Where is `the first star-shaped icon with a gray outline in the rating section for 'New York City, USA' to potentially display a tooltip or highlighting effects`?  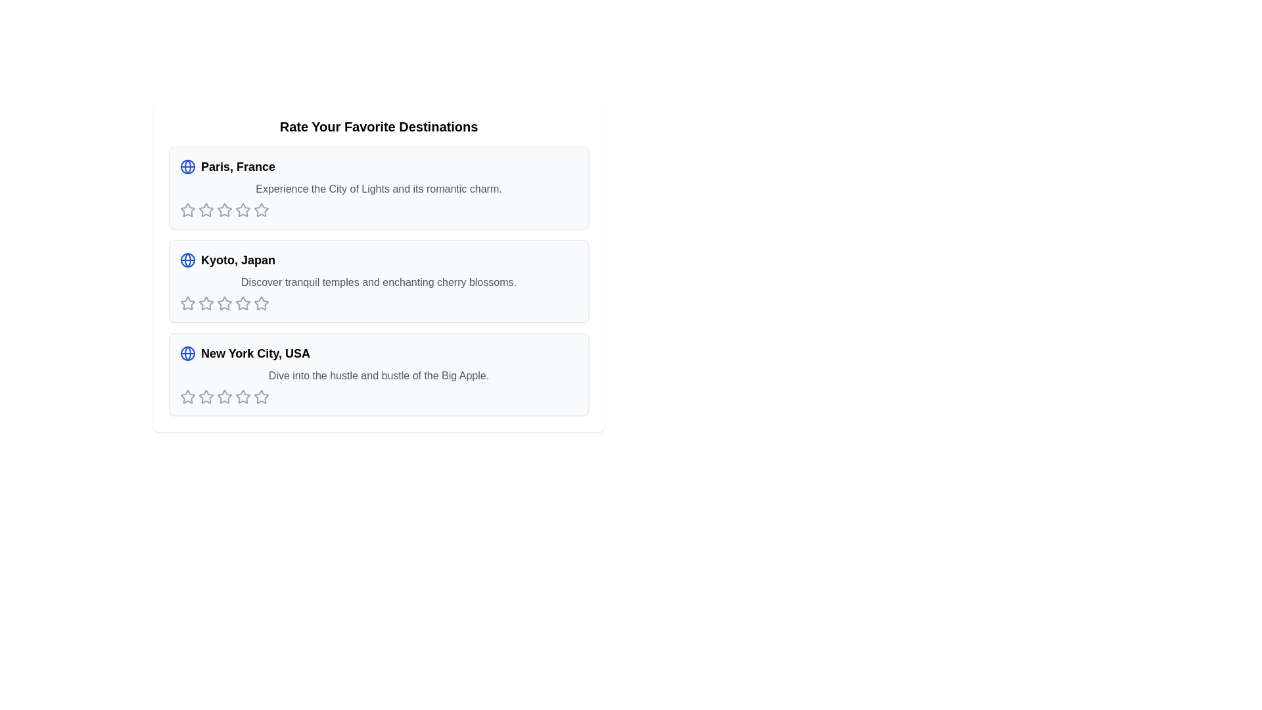
the first star-shaped icon with a gray outline in the rating section for 'New York City, USA' to potentially display a tooltip or highlighting effects is located at coordinates (187, 396).